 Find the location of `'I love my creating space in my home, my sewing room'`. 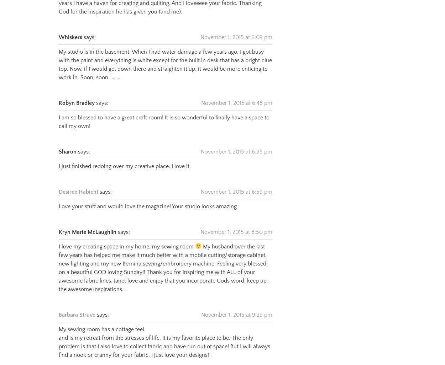

'I love my creating space in my home, my sewing room' is located at coordinates (126, 237).